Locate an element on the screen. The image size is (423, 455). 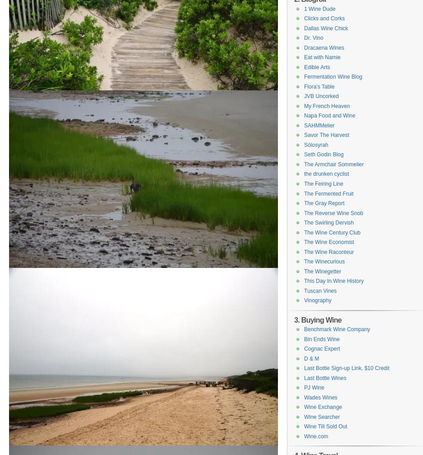
'The Armchair Sommelier' is located at coordinates (333, 164).